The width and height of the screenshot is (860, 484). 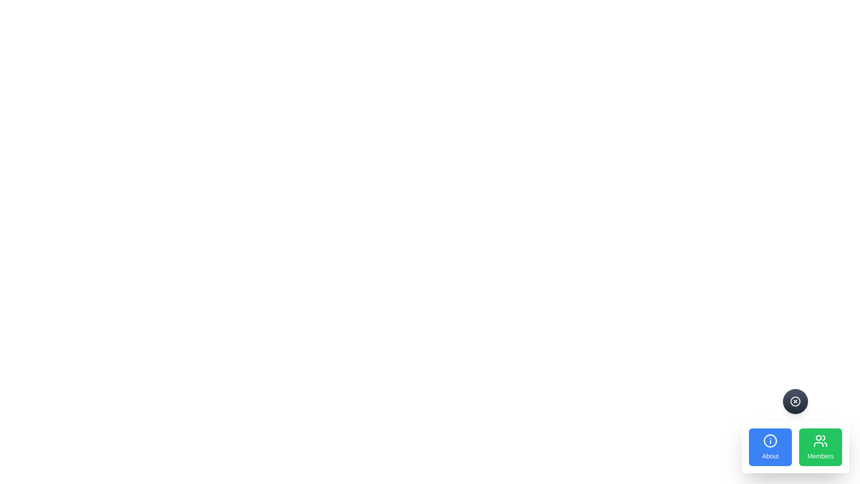 What do you see at coordinates (770, 447) in the screenshot?
I see `the blue rounded button labeled 'About' with an 'i' icon` at bounding box center [770, 447].